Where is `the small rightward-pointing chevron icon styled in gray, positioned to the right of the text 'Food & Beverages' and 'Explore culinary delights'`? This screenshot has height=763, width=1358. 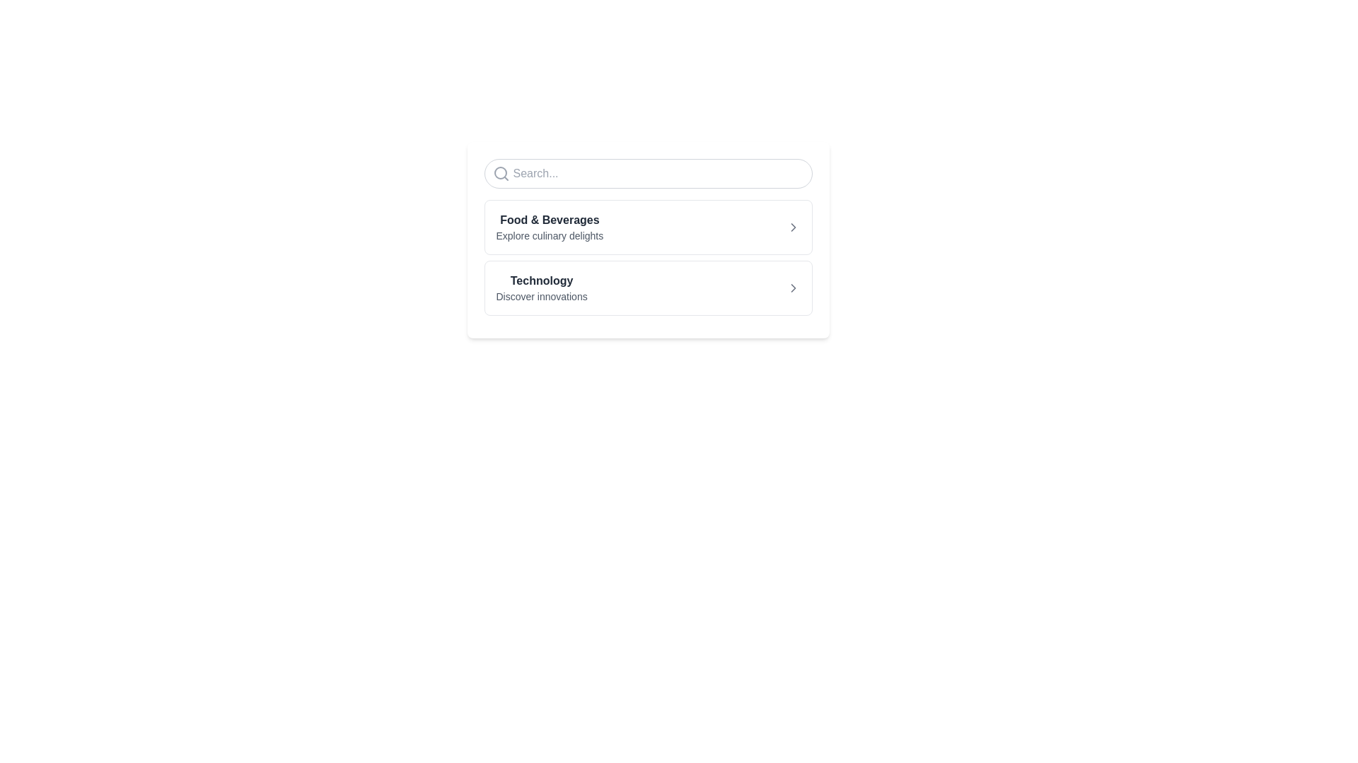 the small rightward-pointing chevron icon styled in gray, positioned to the right of the text 'Food & Beverages' and 'Explore culinary delights' is located at coordinates (793, 226).